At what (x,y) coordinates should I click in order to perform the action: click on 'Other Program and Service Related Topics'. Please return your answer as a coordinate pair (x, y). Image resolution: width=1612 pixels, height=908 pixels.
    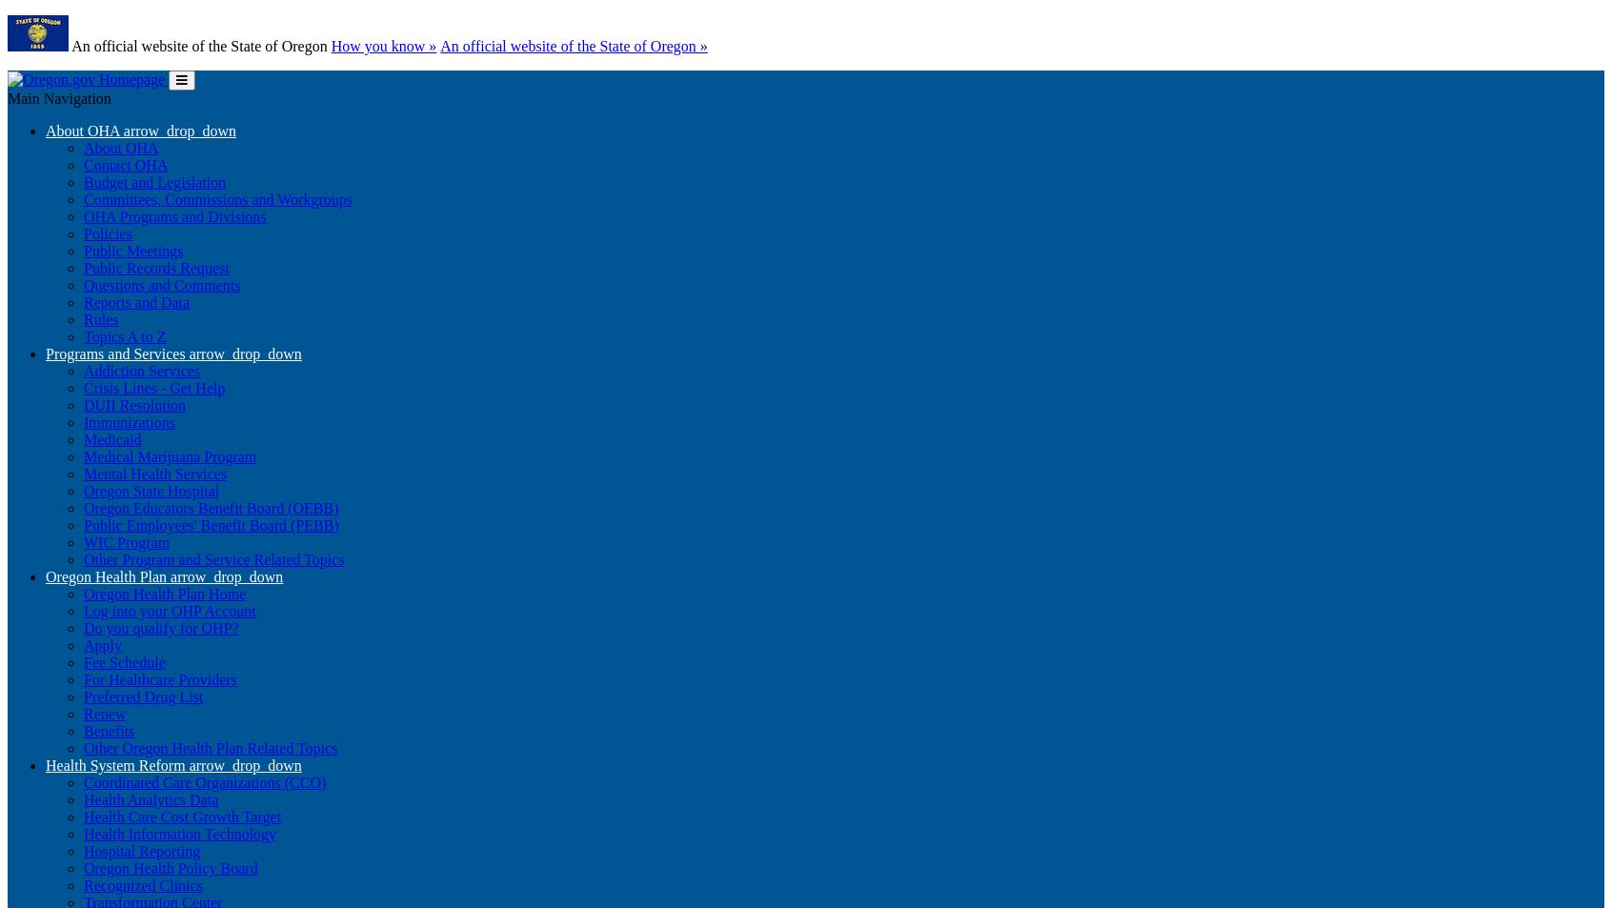
    Looking at the image, I should click on (213, 559).